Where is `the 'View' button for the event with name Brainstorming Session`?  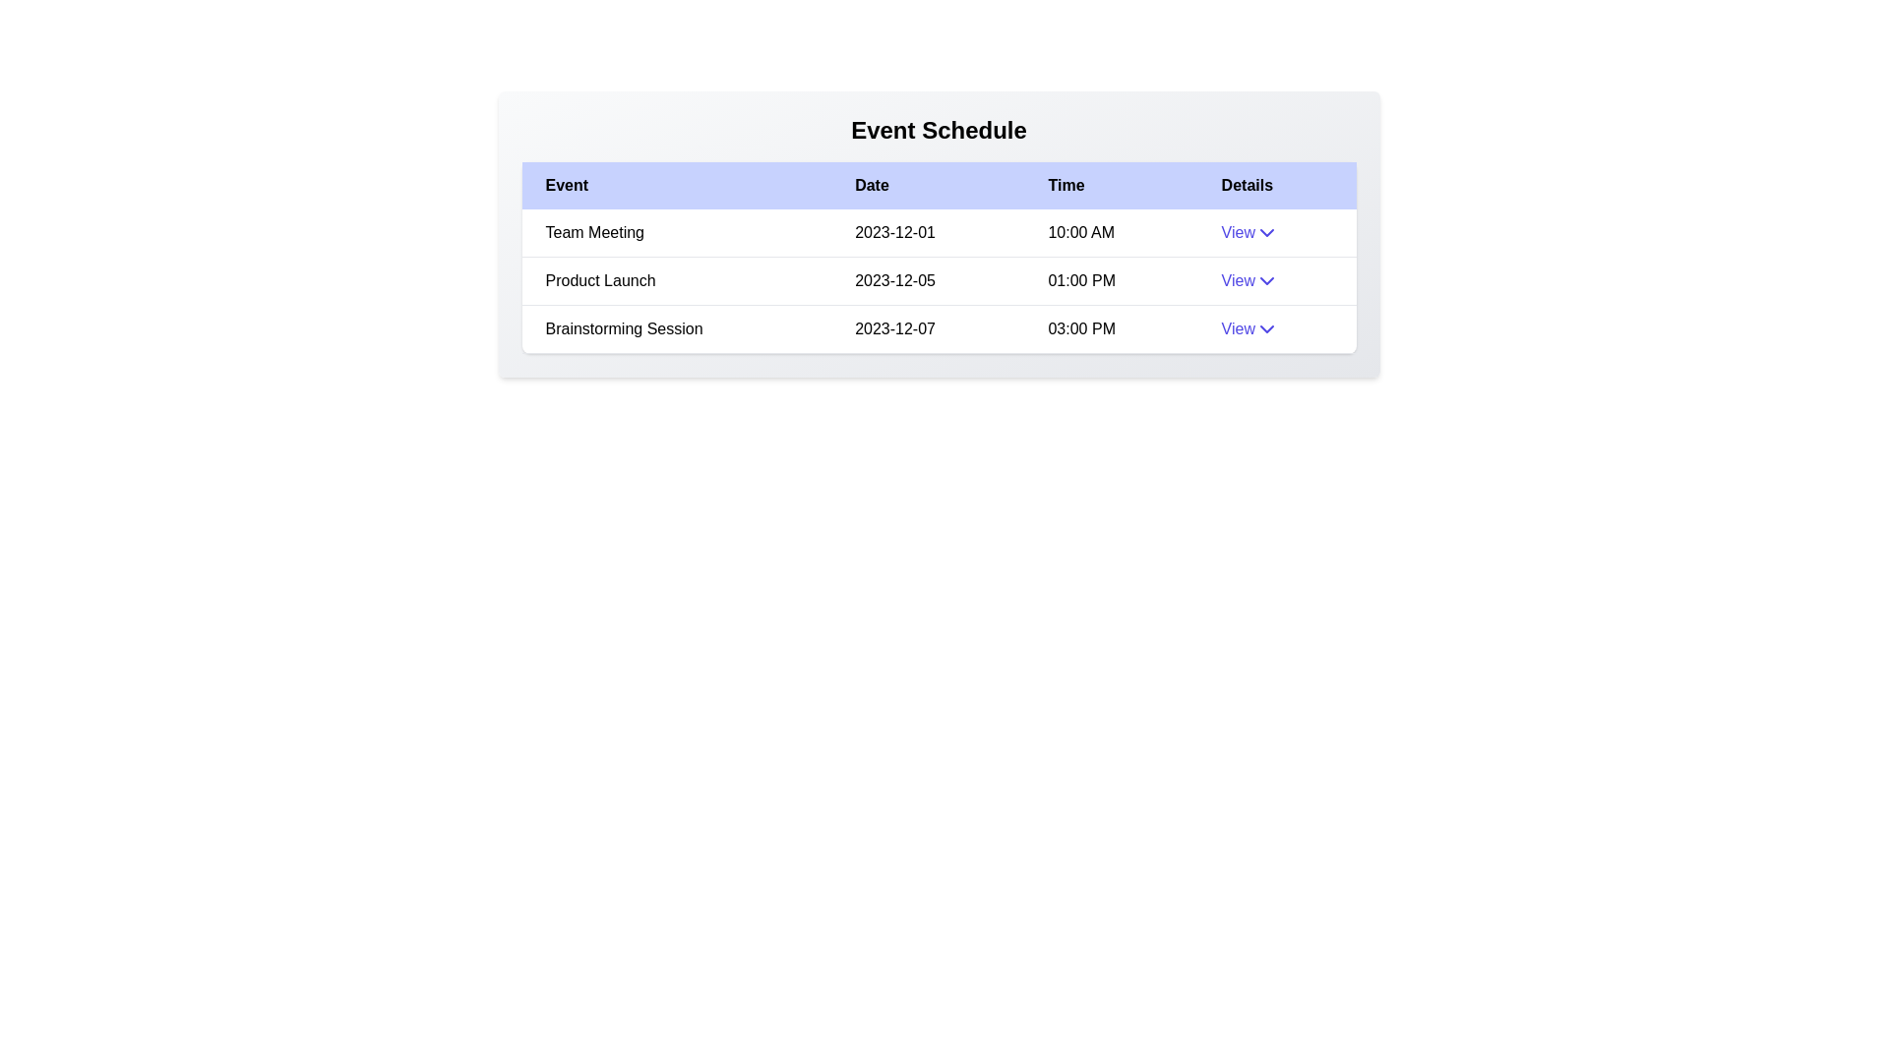 the 'View' button for the event with name Brainstorming Session is located at coordinates (1249, 328).